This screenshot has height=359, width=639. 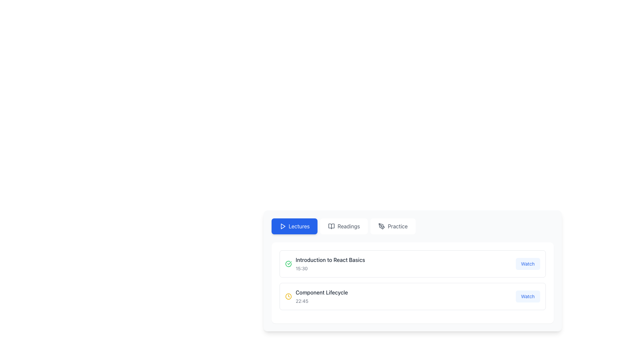 I want to click on the button located in the bottom right of the 'Component Lifecycle' section, so click(x=528, y=296).